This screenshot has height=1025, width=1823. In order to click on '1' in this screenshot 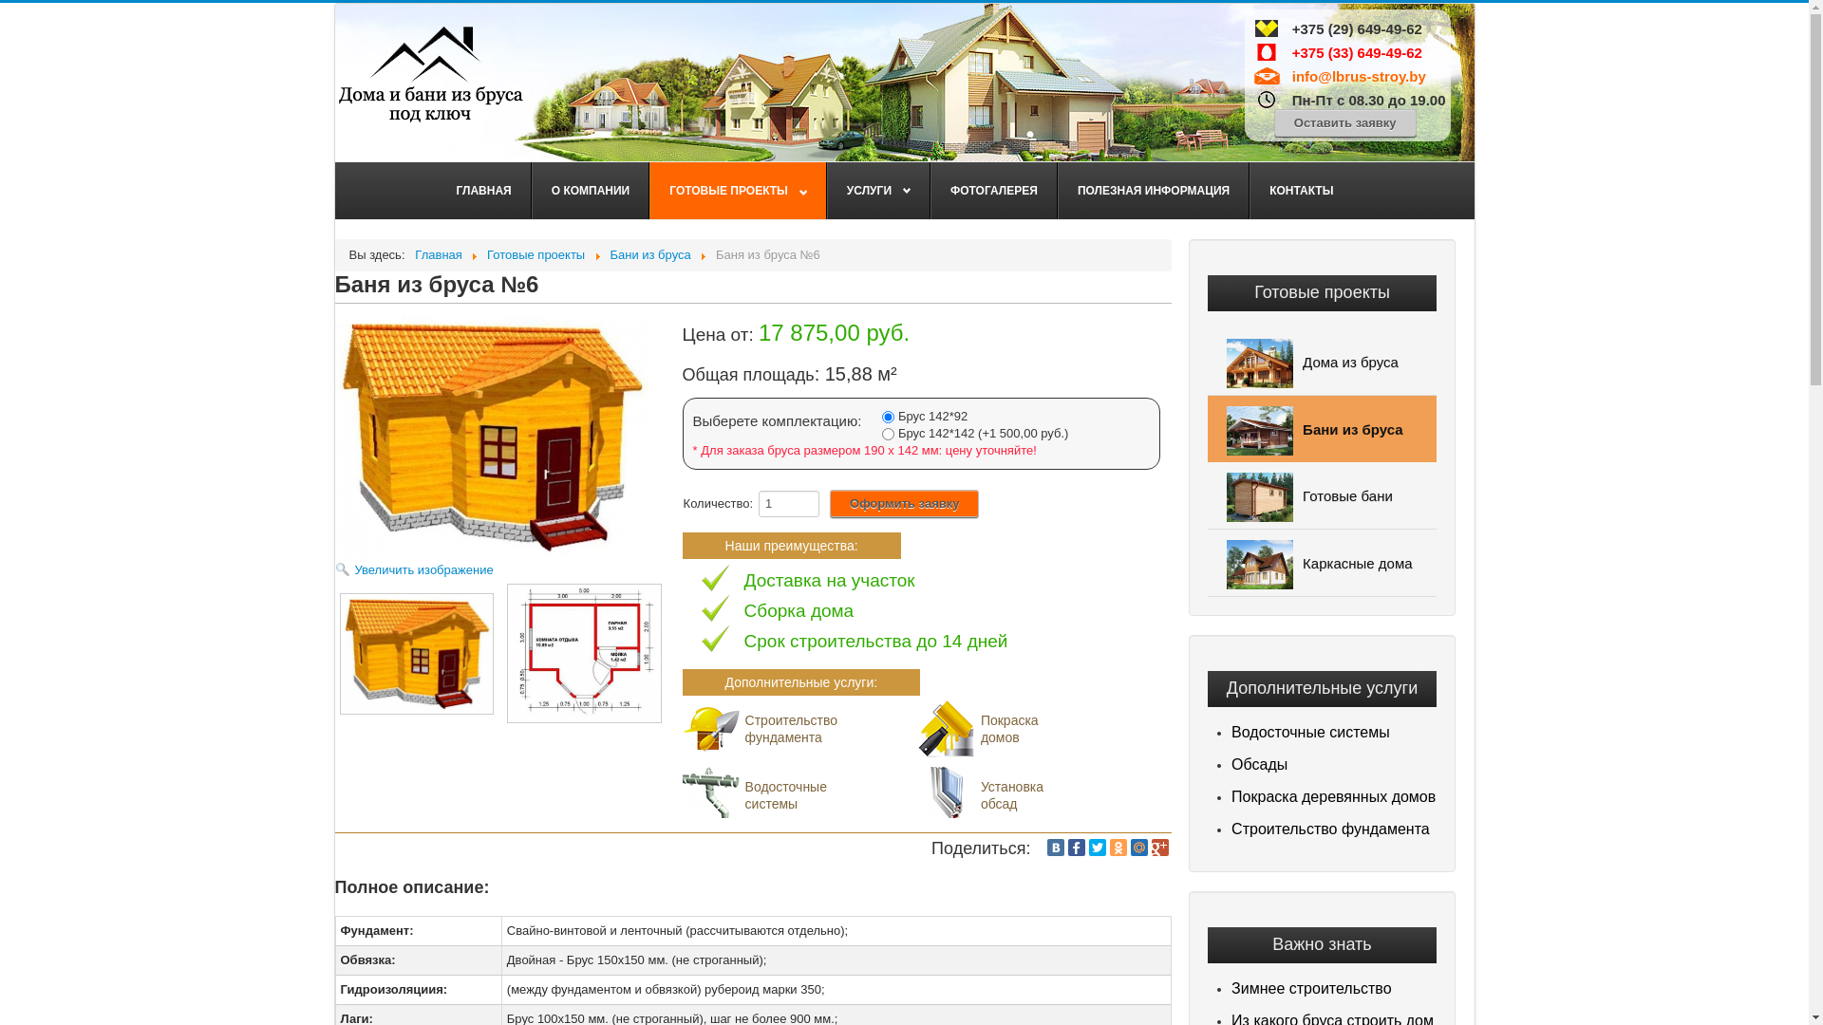, I will do `click(887, 416)`.